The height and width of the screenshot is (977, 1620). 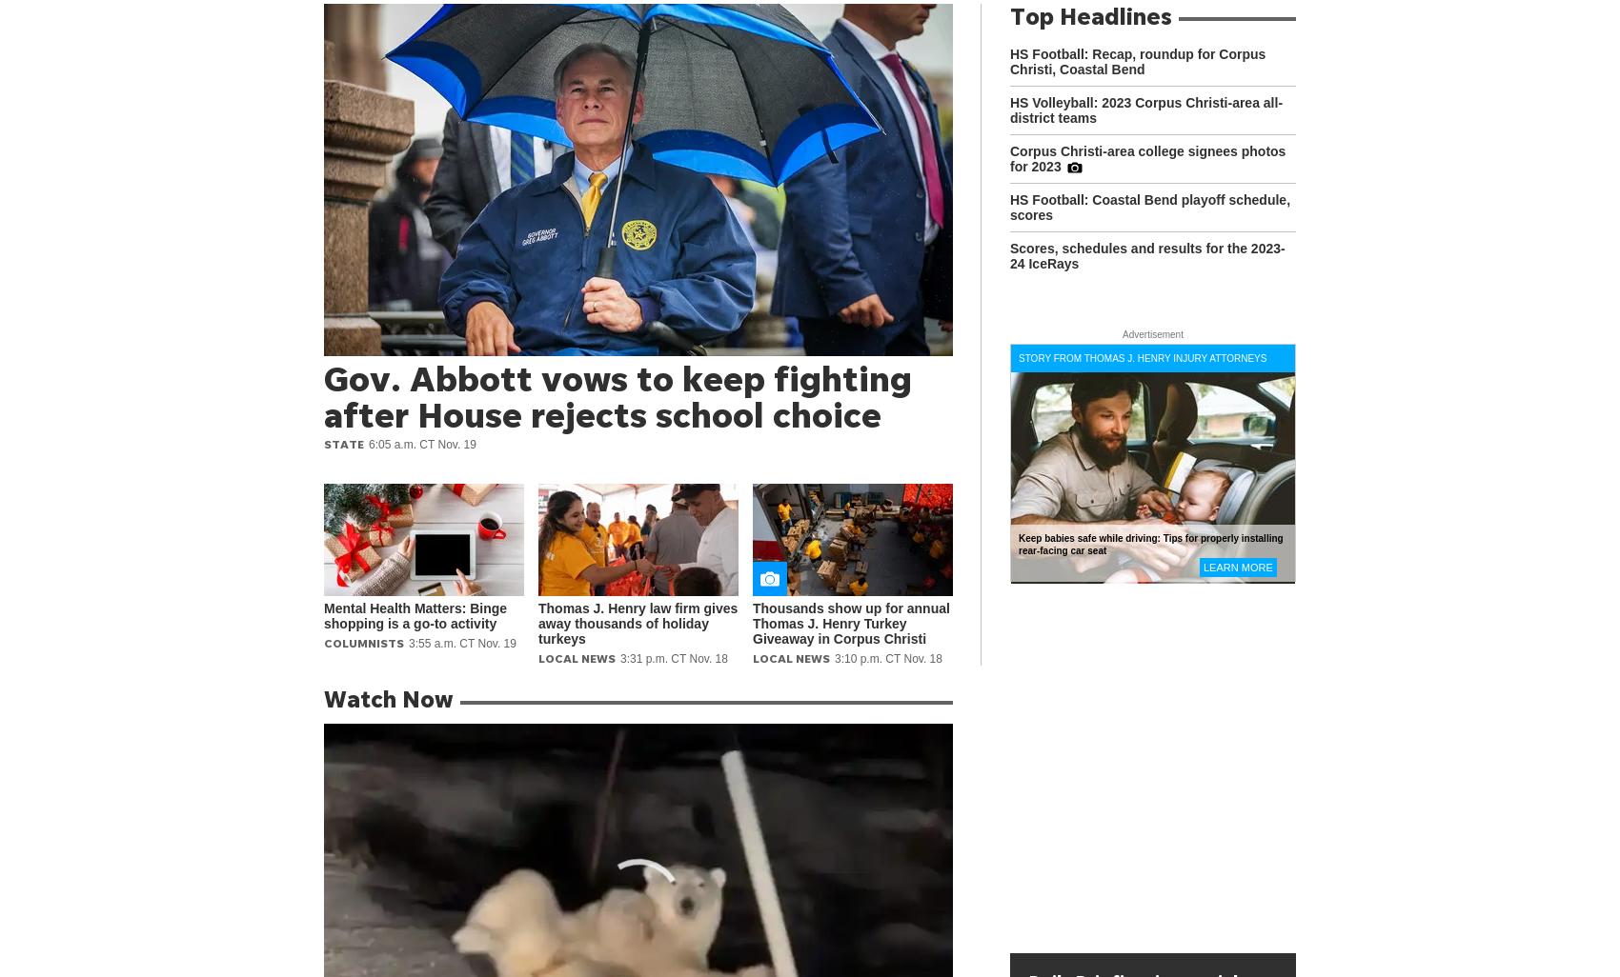 What do you see at coordinates (1144, 110) in the screenshot?
I see `'HS Volleyball: 2023 Corpus Christi-area all-district teams'` at bounding box center [1144, 110].